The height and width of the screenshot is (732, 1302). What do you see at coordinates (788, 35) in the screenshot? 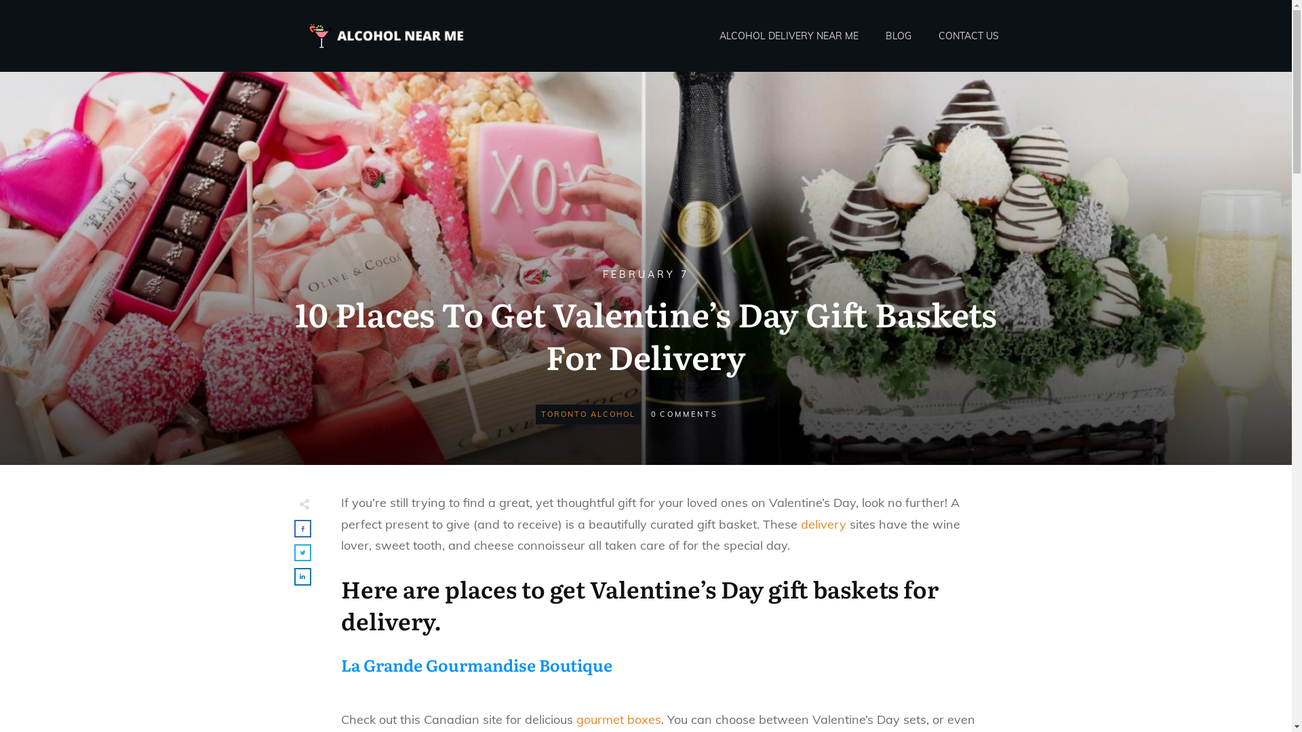
I see `'ALCOHOL DELIVERY NEAR ME'` at bounding box center [788, 35].